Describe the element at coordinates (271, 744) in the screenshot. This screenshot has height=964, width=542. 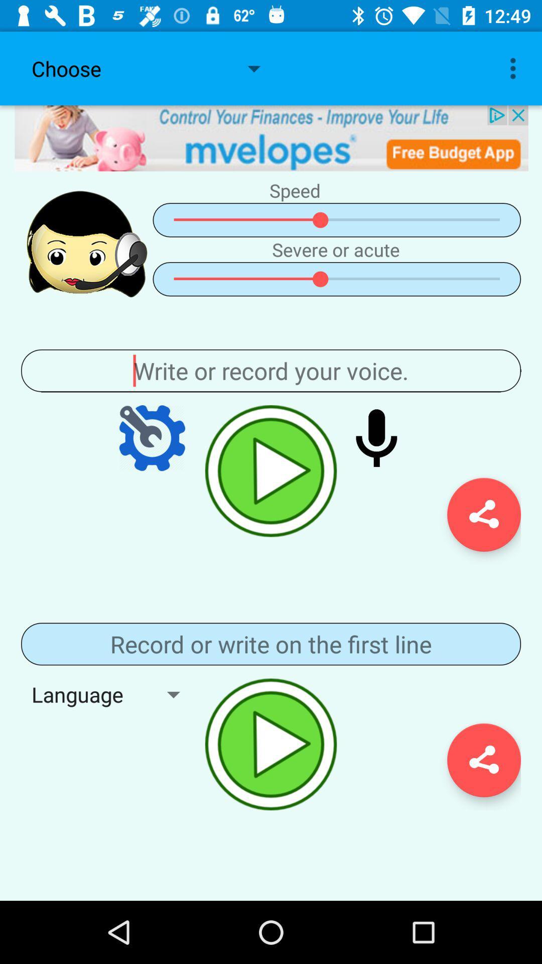
I see `play` at that location.